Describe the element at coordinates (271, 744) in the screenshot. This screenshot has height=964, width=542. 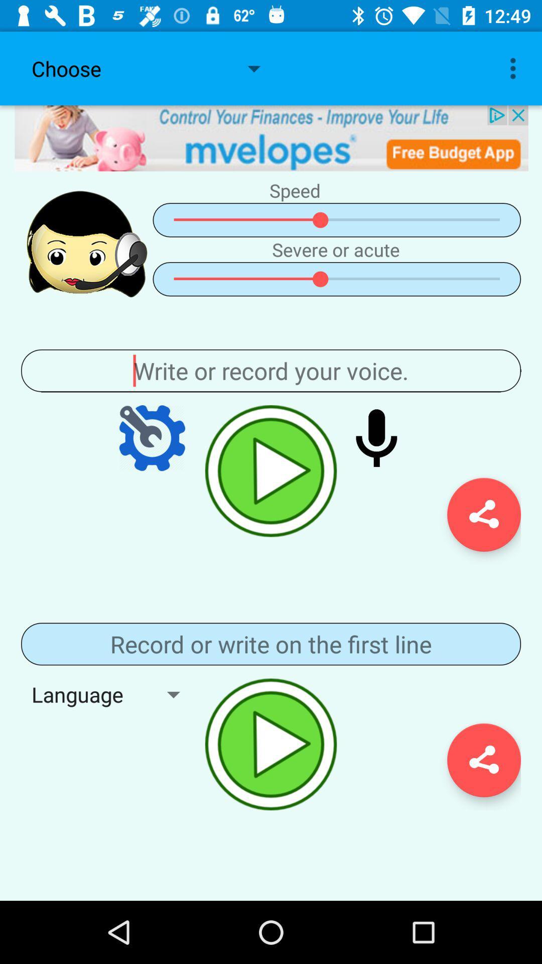
I see `play` at that location.